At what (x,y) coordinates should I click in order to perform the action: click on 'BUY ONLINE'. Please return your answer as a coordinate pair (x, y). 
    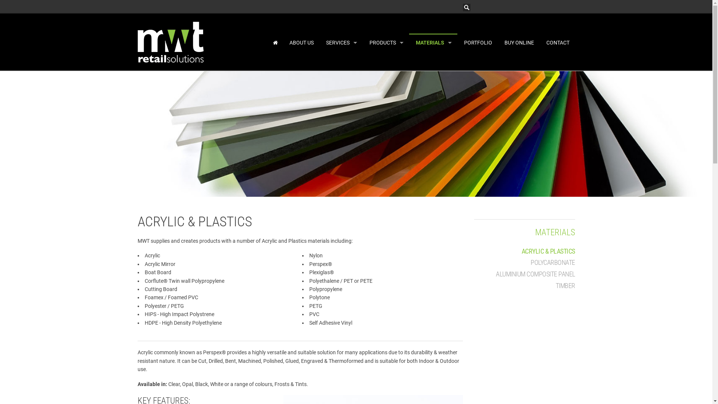
    Looking at the image, I should click on (518, 42).